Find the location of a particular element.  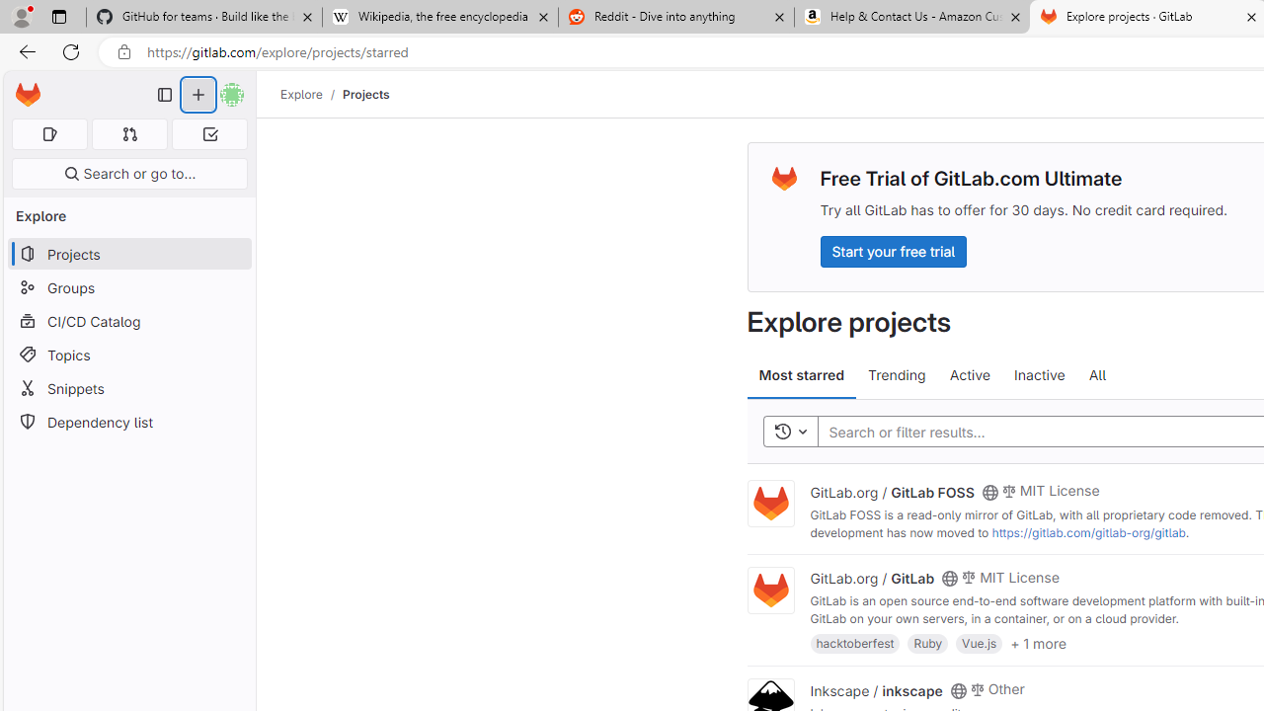

'Primary navigation sidebar' is located at coordinates (165, 95).